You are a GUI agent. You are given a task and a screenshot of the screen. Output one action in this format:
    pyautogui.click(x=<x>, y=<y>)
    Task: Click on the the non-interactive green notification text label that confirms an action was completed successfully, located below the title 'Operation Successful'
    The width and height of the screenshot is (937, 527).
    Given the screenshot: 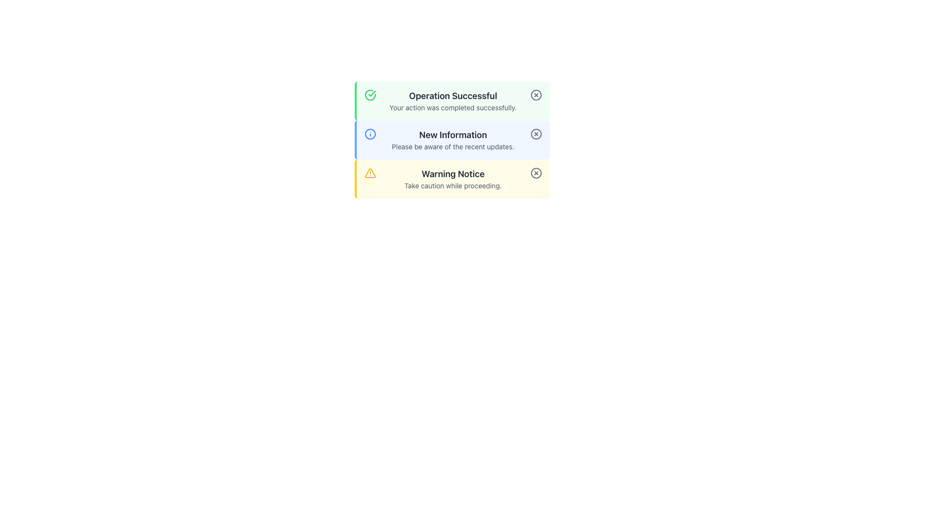 What is the action you would take?
    pyautogui.click(x=452, y=107)
    